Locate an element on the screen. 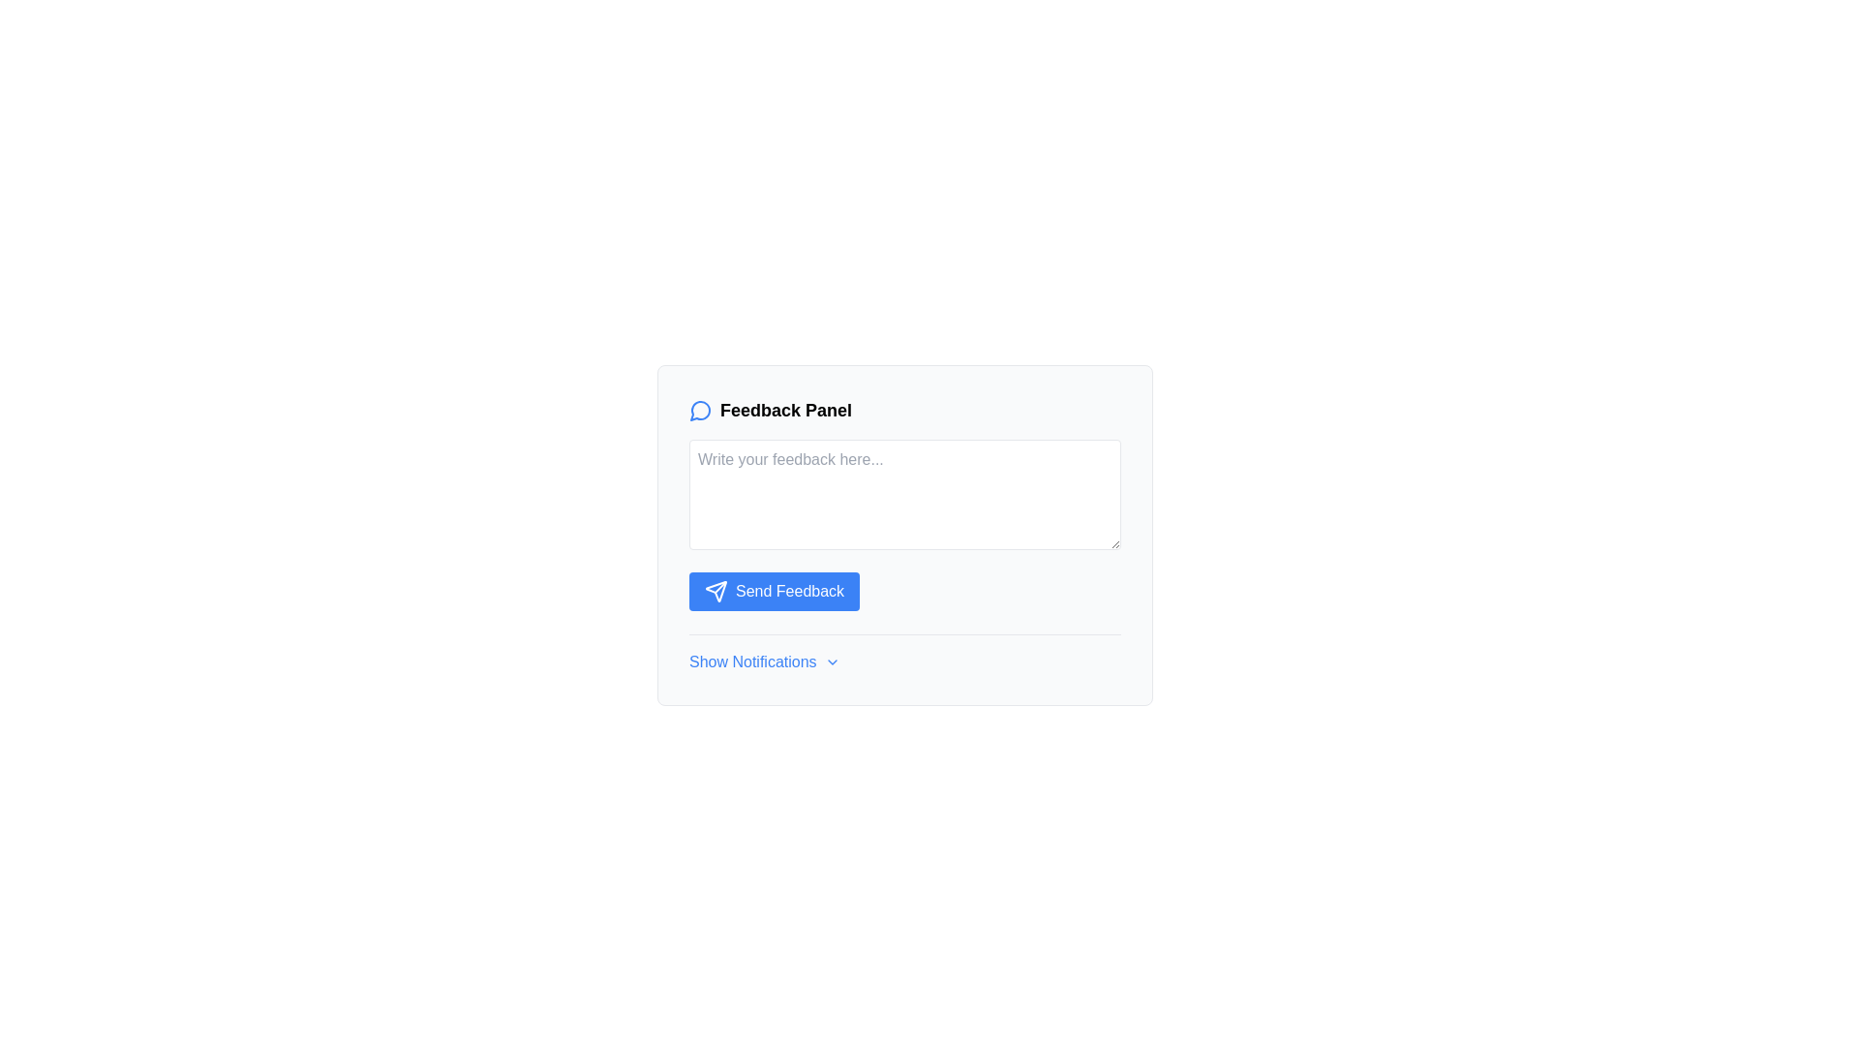 This screenshot has width=1859, height=1046. the paper airplane graphical icon located at the bottom left of the 'Send Feedback' button in the feedback form is located at coordinates (715, 590).